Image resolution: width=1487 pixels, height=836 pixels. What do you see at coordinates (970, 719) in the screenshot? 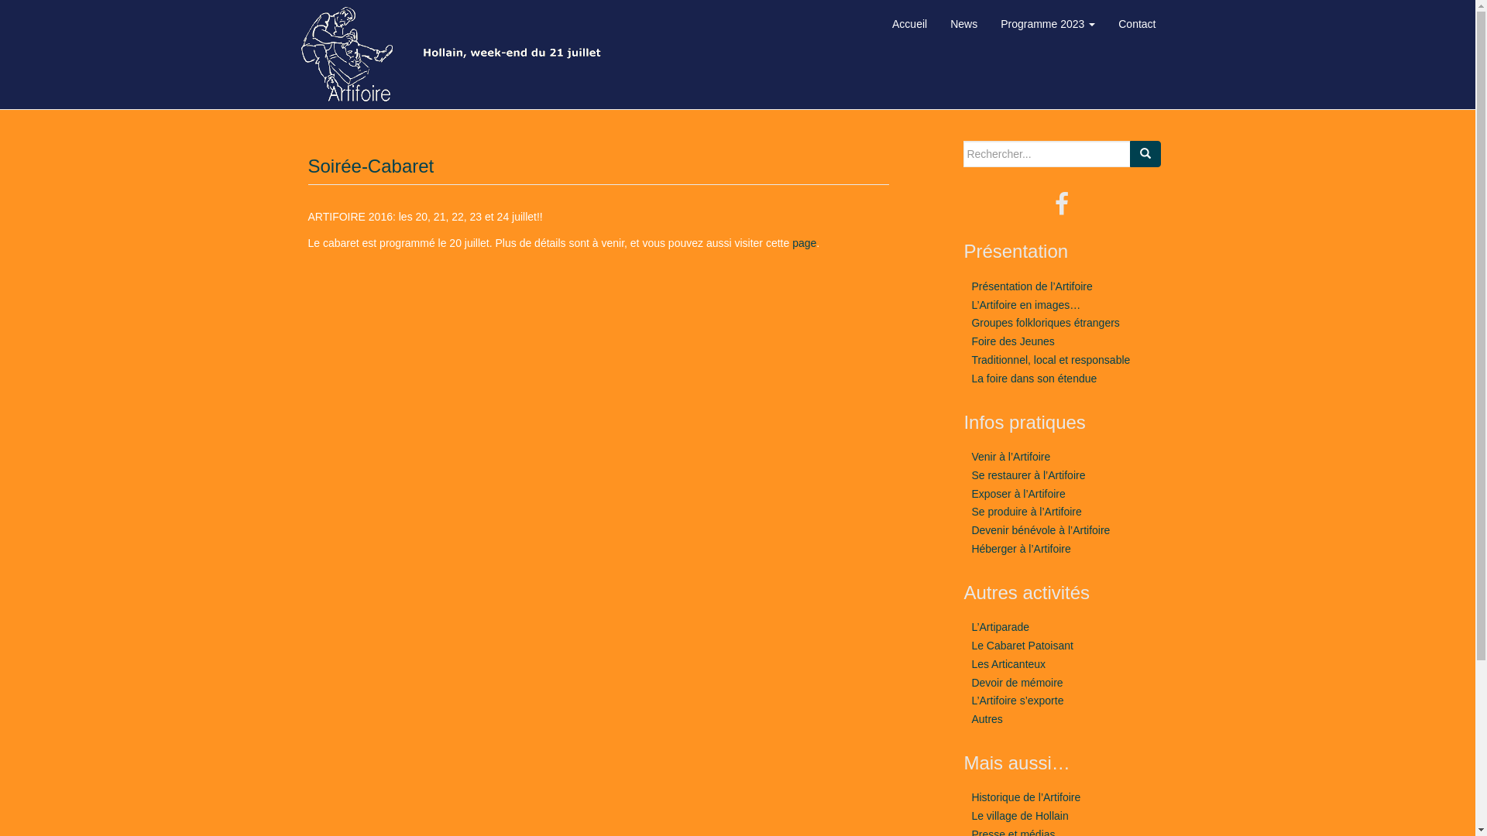
I see `'Autres'` at bounding box center [970, 719].